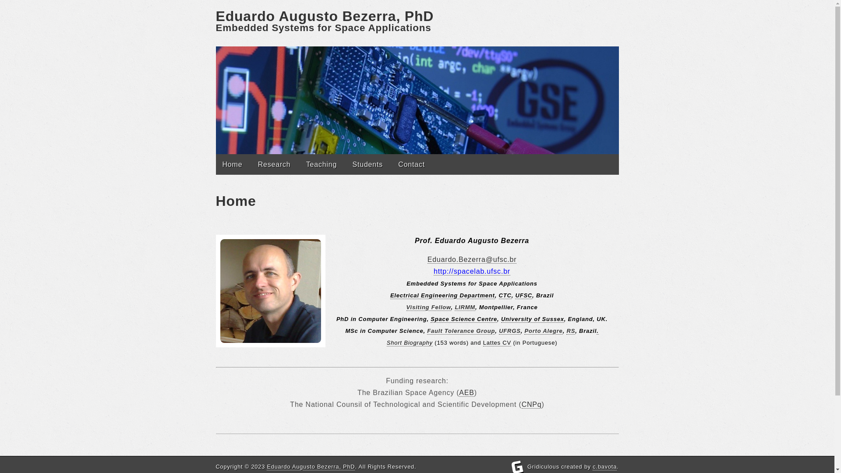 The width and height of the screenshot is (841, 473). I want to click on 'Teaching', so click(321, 164).